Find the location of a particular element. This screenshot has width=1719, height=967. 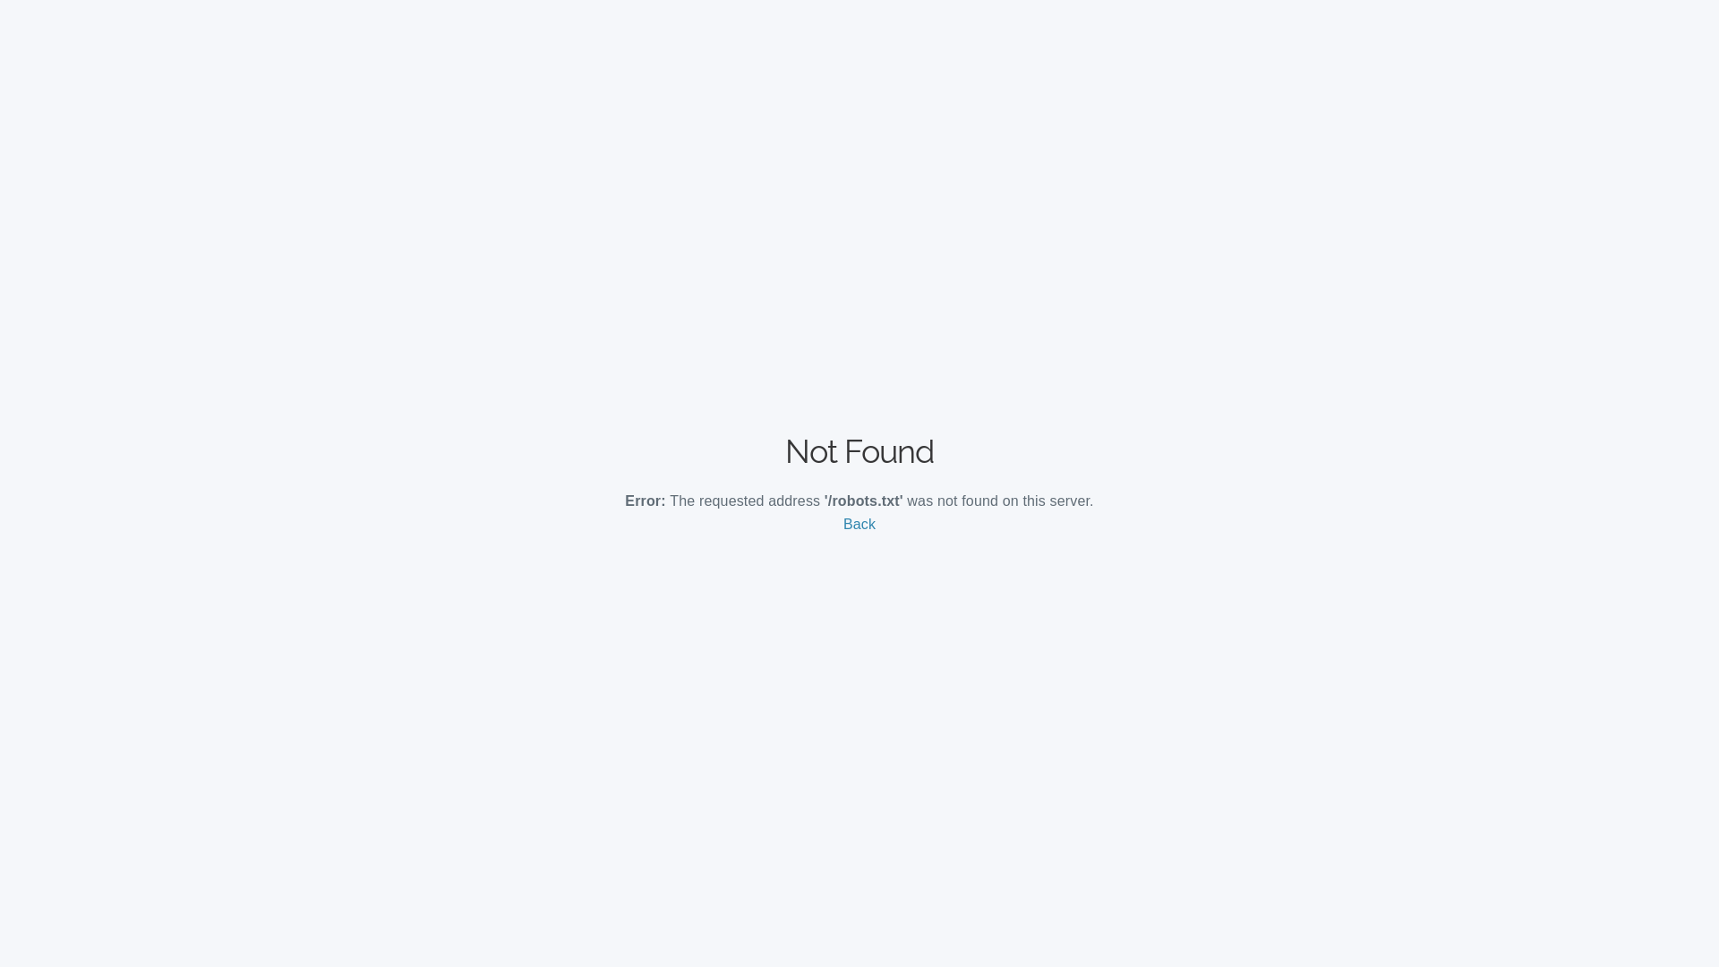

'Back' is located at coordinates (859, 524).